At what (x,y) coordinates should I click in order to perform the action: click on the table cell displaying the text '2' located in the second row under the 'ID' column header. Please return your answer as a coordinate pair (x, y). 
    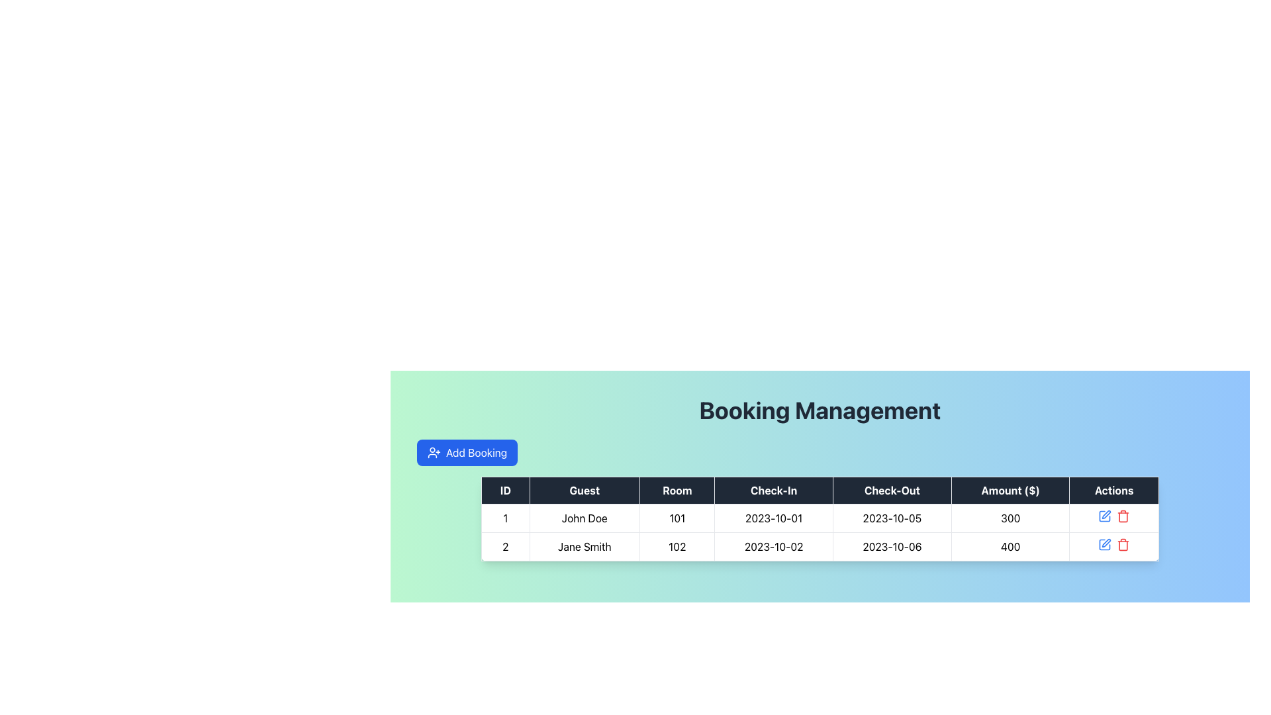
    Looking at the image, I should click on (504, 546).